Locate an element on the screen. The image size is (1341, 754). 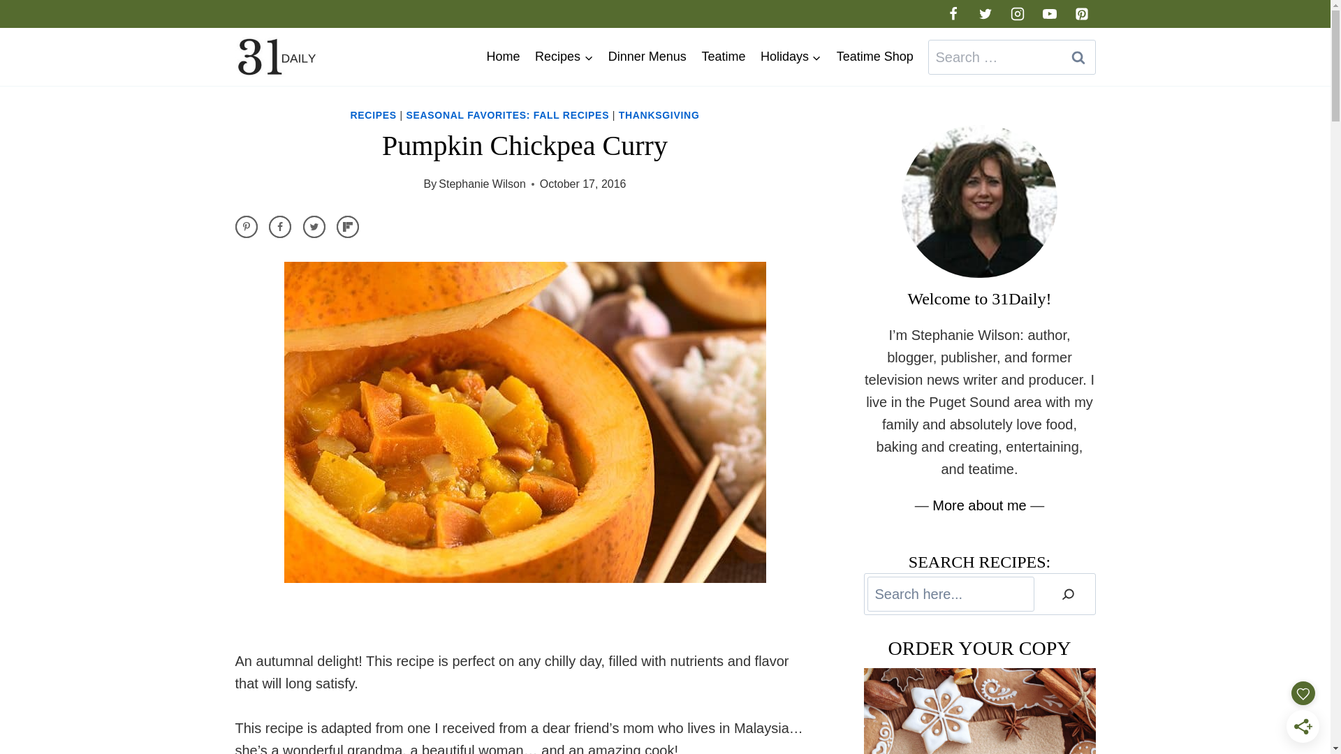
'Save to Pinterest' is located at coordinates (245, 226).